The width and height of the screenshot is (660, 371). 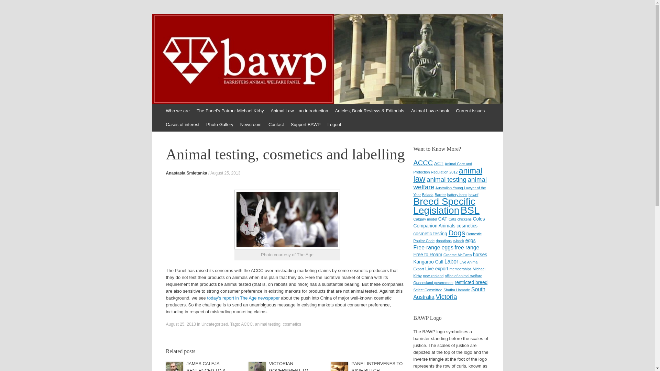 I want to click on 'office of animal welfare', so click(x=463, y=275).